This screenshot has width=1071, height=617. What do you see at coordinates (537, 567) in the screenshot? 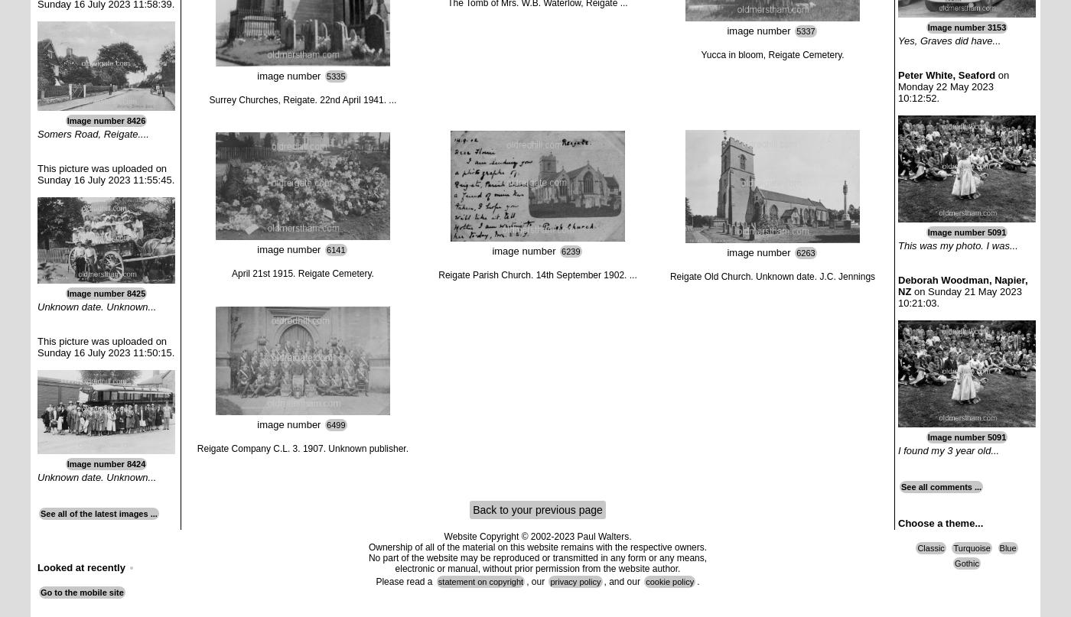
I see `'electronic or manual, without prior permission from the website author.'` at bounding box center [537, 567].